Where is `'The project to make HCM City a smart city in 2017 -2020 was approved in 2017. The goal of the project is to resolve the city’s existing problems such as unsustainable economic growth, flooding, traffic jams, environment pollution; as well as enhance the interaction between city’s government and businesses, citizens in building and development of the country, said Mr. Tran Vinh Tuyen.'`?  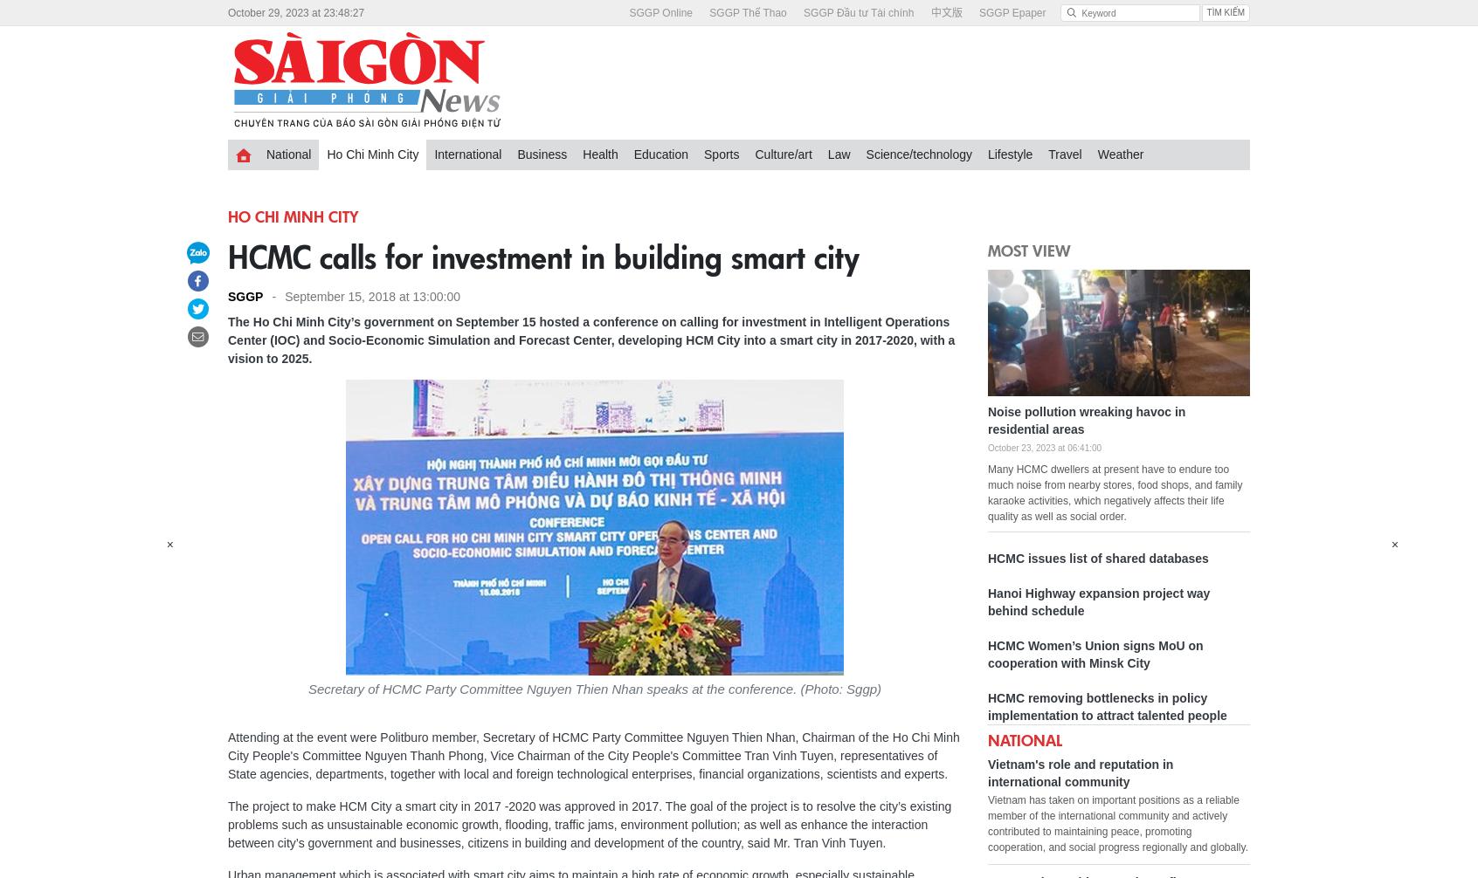
'The project to make HCM City a smart city in 2017 -2020 was approved in 2017. The goal of the project is to resolve the city’s existing problems such as unsustainable economic growth, flooding, traffic jams, environment pollution; as well as enhance the interaction between city’s government and businesses, citizens in building and development of the country, said Mr. Tran Vinh Tuyen.' is located at coordinates (228, 823).